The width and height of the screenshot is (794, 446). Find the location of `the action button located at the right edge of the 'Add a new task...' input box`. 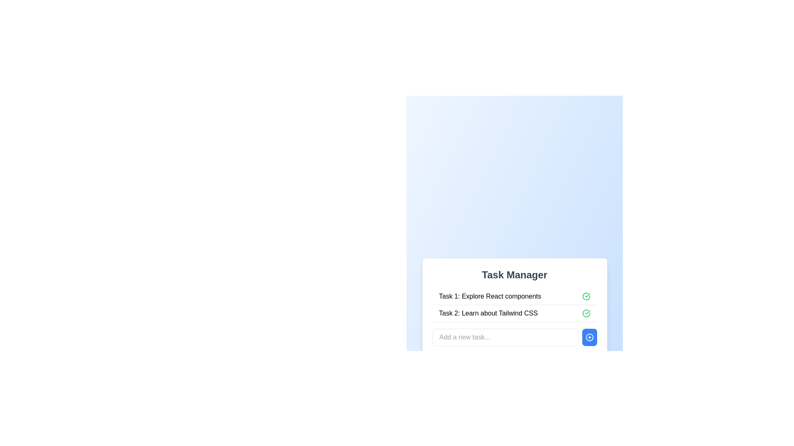

the action button located at the right edge of the 'Add a new task...' input box is located at coordinates (589, 337).